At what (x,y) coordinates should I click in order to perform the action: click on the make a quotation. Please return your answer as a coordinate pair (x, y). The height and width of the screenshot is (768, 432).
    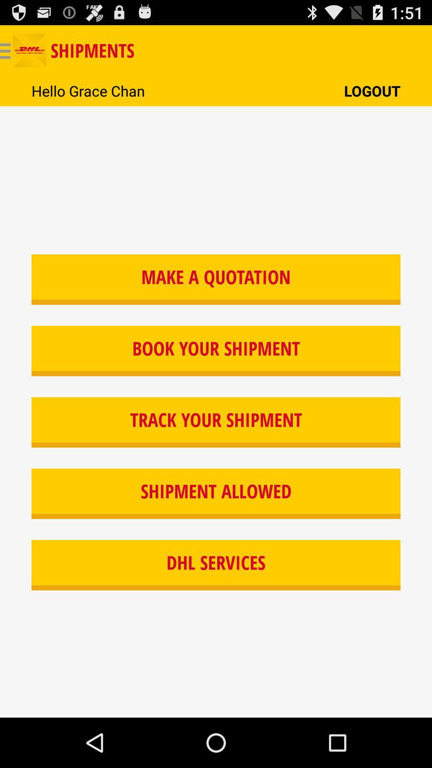
    Looking at the image, I should click on (216, 280).